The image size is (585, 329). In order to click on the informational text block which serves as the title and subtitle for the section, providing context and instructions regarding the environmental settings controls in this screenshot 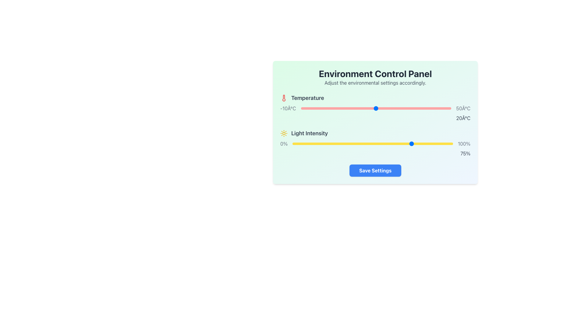, I will do `click(375, 77)`.